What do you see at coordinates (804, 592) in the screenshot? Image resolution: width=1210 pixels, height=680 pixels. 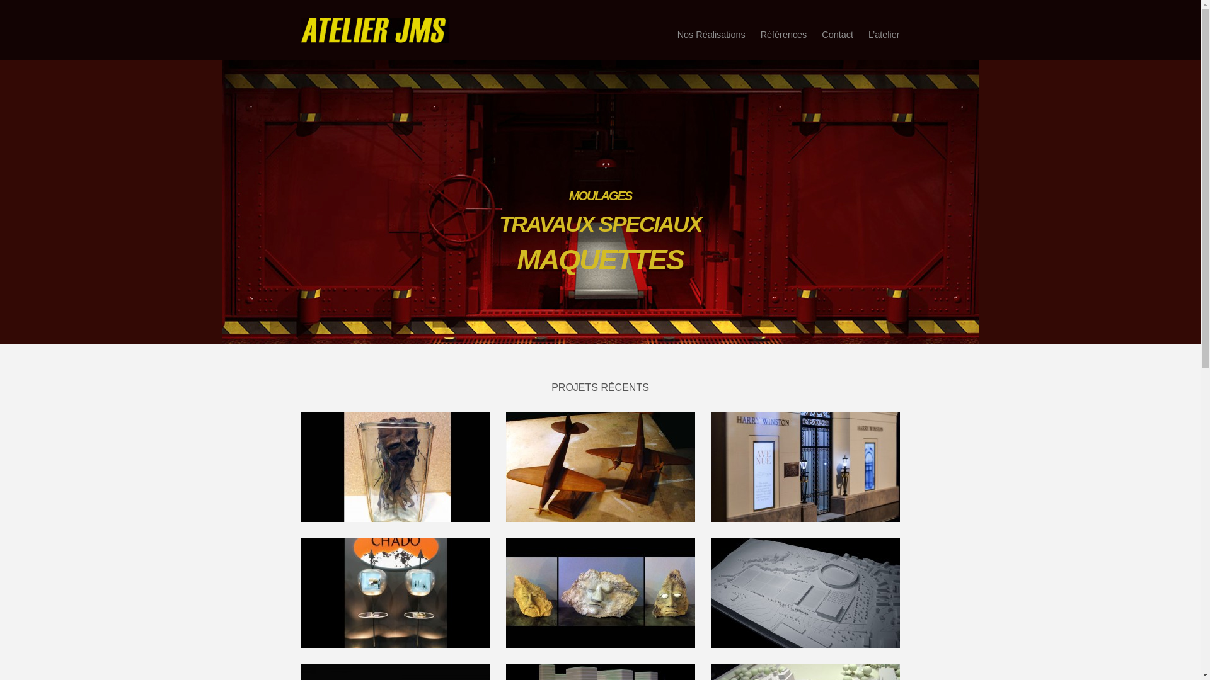 I see `'Concours 1/1000'` at bounding box center [804, 592].